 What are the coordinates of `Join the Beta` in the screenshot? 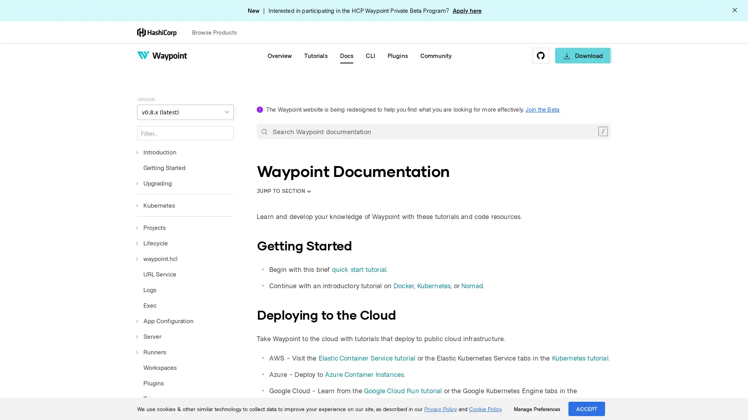 It's located at (542, 109).